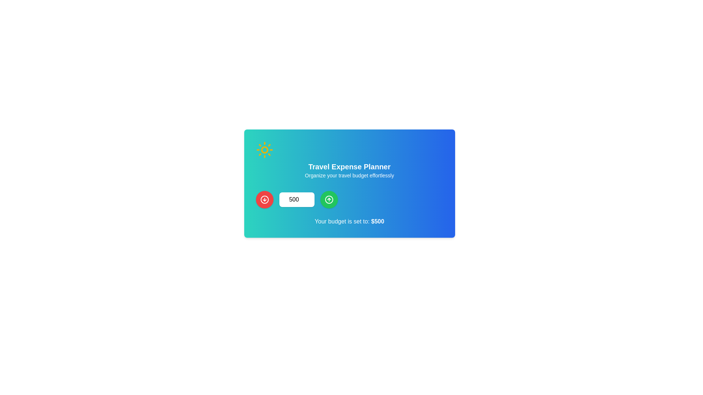  I want to click on the red and green buttons located on either side of the numeric input field within the content box that features a gradient background from teal to blue and contains a sun icon, centered white text, and a monetary value statement, so click(349, 183).